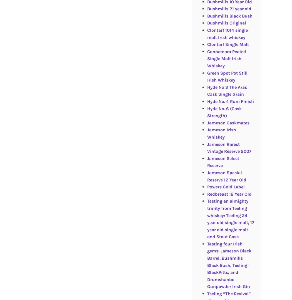  Describe the element at coordinates (228, 122) in the screenshot. I see `'Jameson Caskmates'` at that location.